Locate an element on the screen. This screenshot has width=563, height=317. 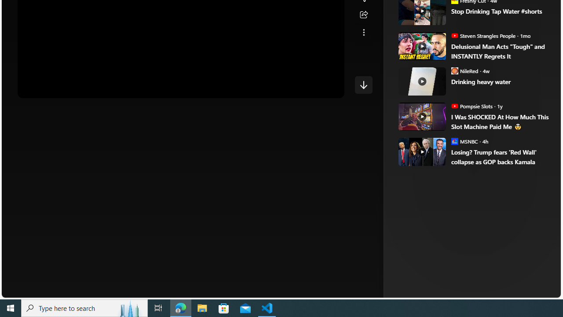
'MSNBC' is located at coordinates (454, 140).